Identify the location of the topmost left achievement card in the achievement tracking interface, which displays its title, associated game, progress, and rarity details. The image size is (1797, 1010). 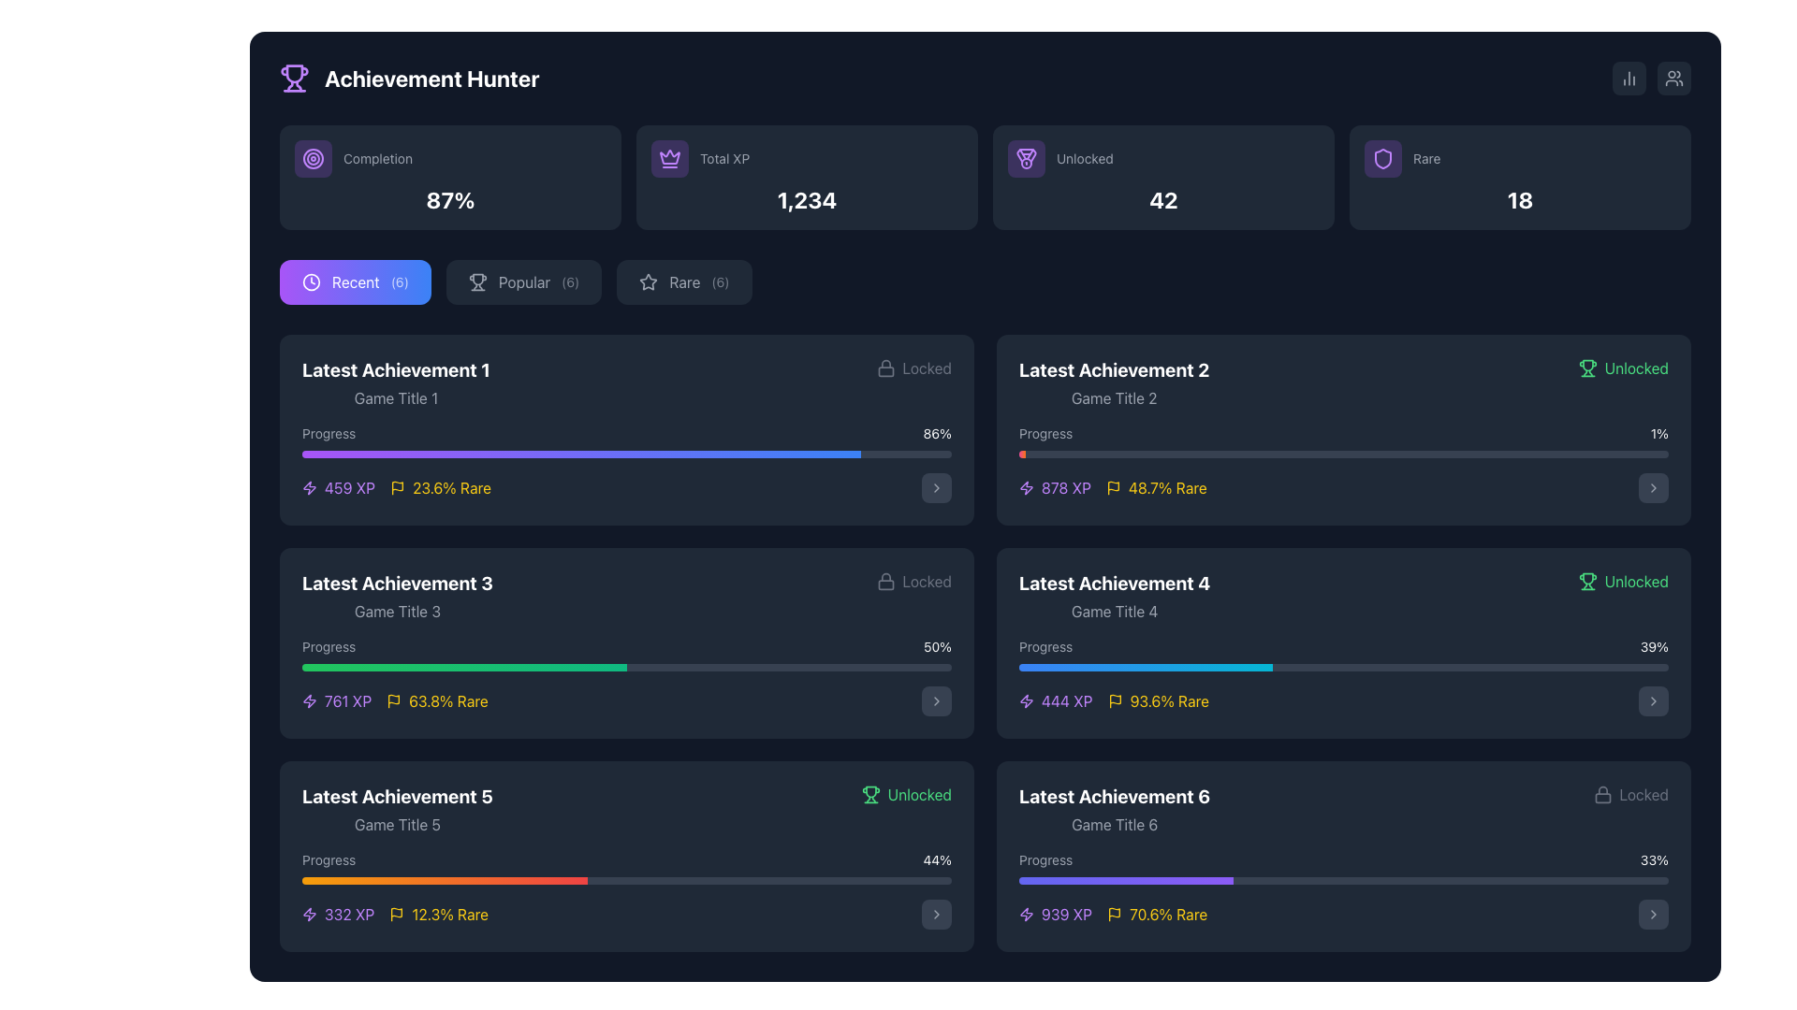
(627, 429).